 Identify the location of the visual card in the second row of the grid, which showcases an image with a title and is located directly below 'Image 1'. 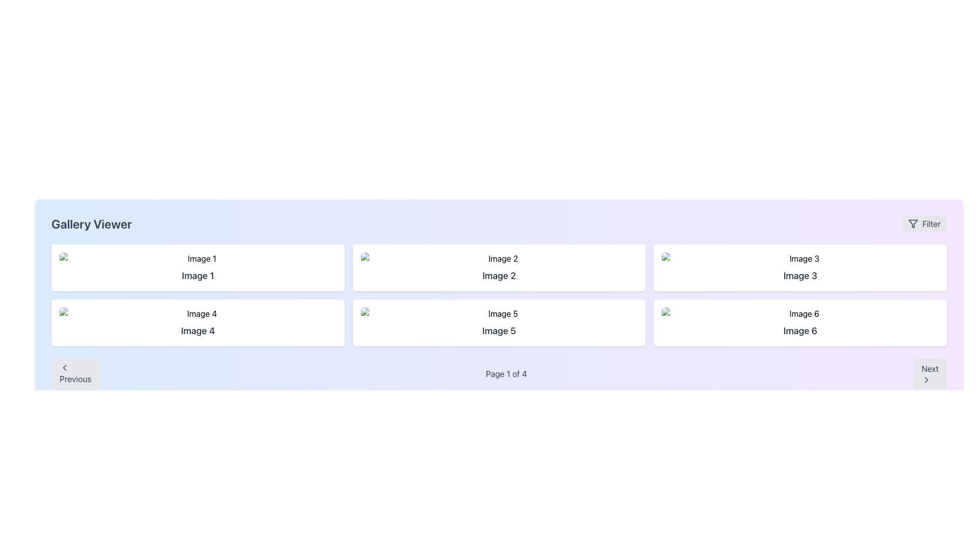
(198, 322).